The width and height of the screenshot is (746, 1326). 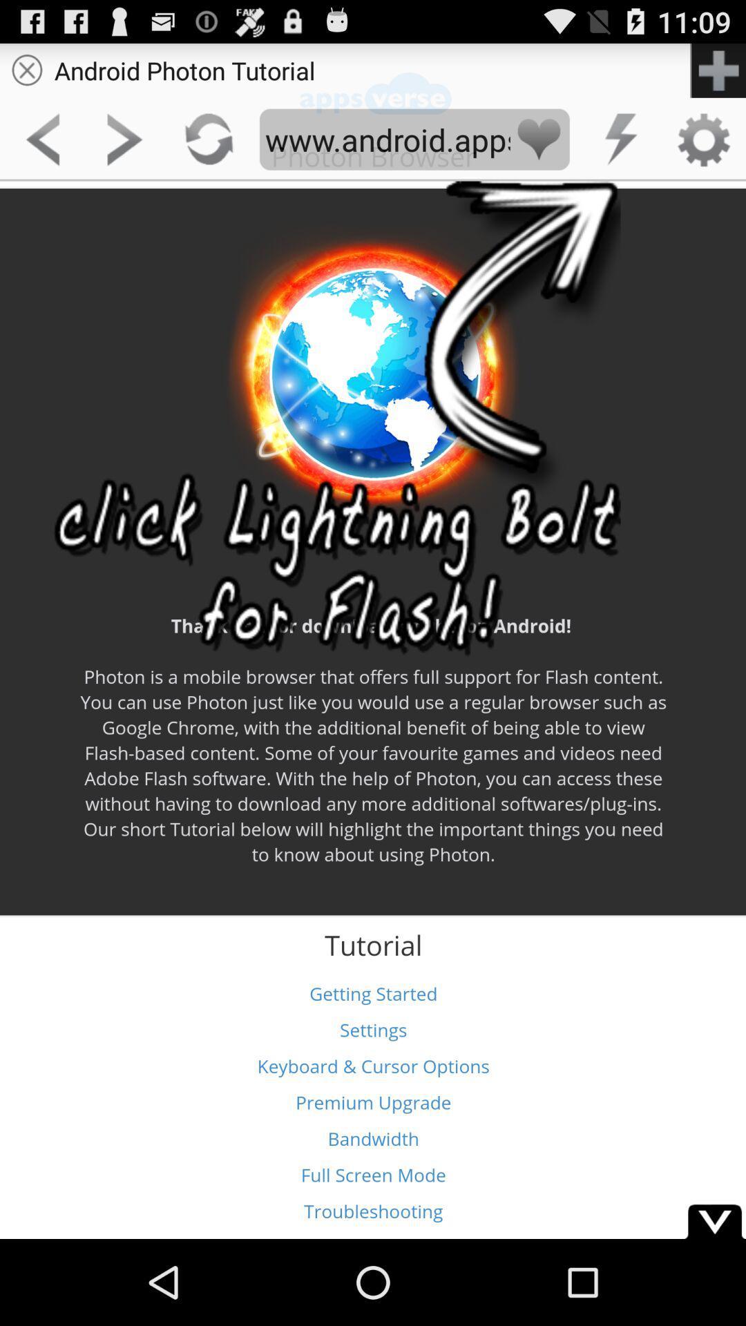 I want to click on the add icon, so click(x=718, y=75).